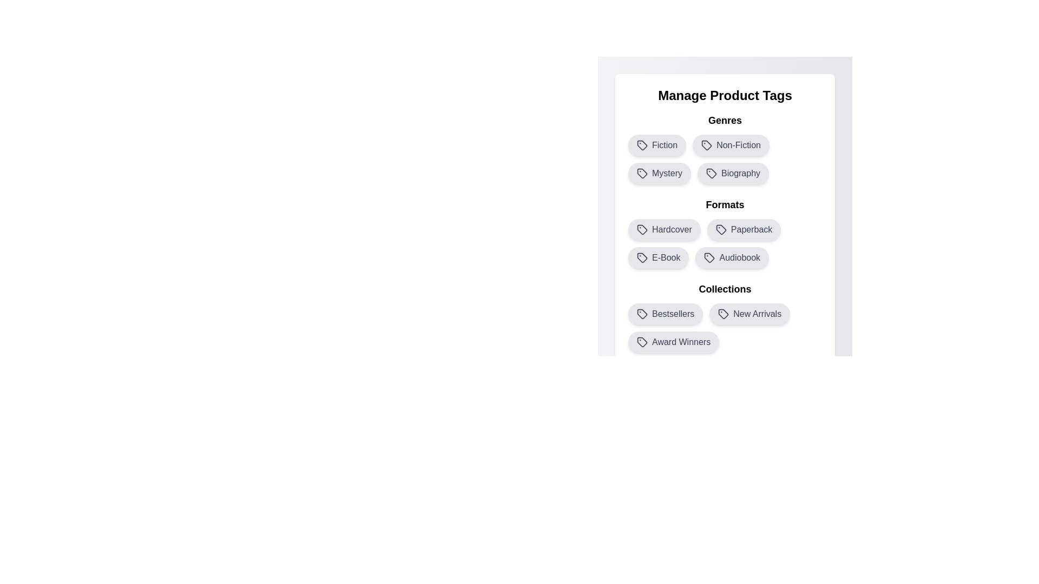 The image size is (1039, 584). What do you see at coordinates (749, 314) in the screenshot?
I see `the second button in the 'Collections' section, located to the right of the 'Bestsellers' button` at bounding box center [749, 314].